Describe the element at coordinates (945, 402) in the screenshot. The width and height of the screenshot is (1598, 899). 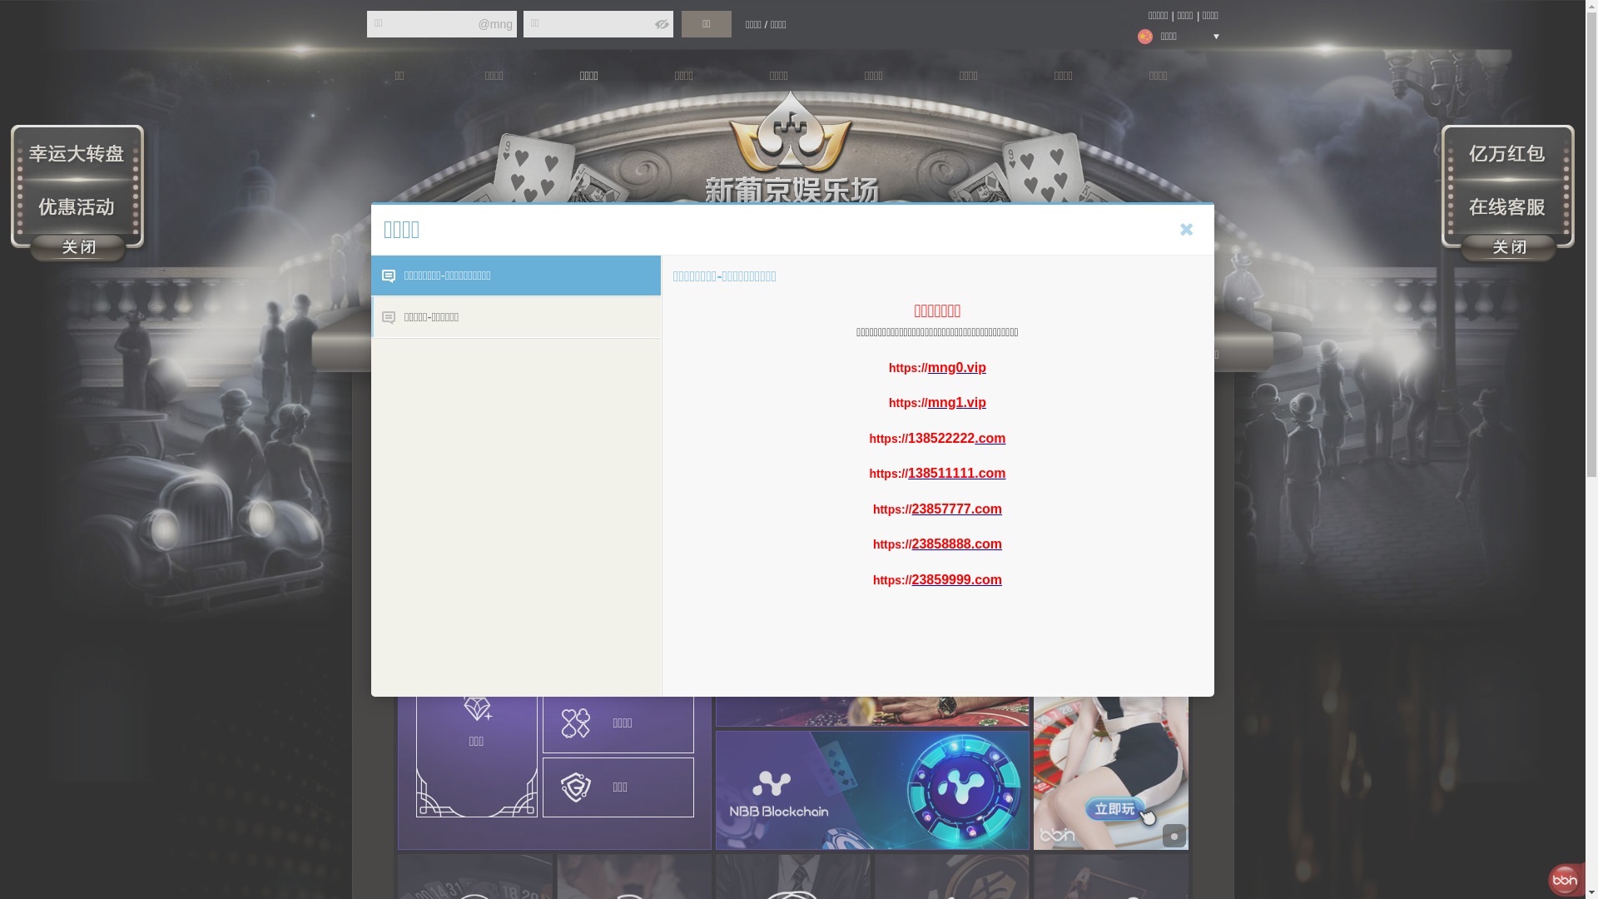
I see `'mng1'` at that location.